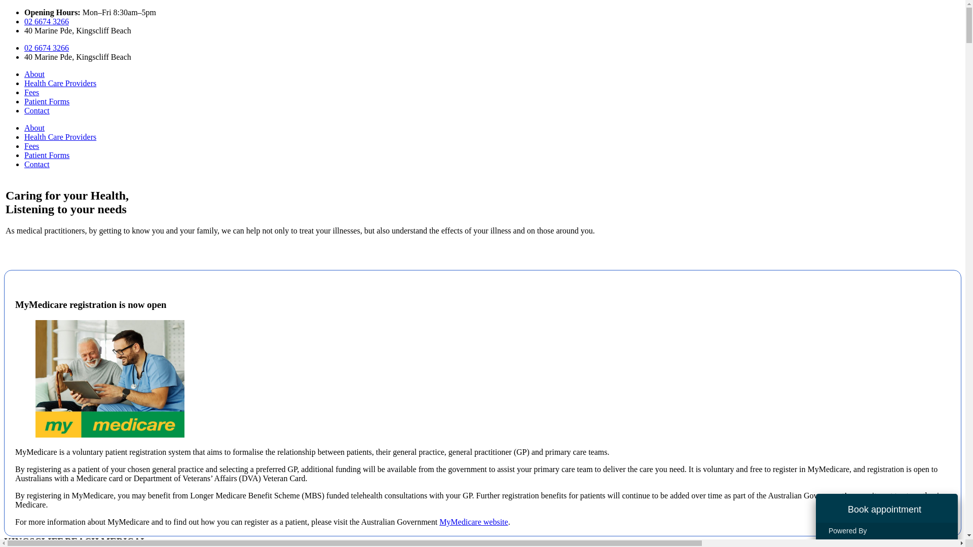 This screenshot has height=547, width=973. What do you see at coordinates (77, 57) in the screenshot?
I see `'40 Marine Pde, Kingscliff Beach'` at bounding box center [77, 57].